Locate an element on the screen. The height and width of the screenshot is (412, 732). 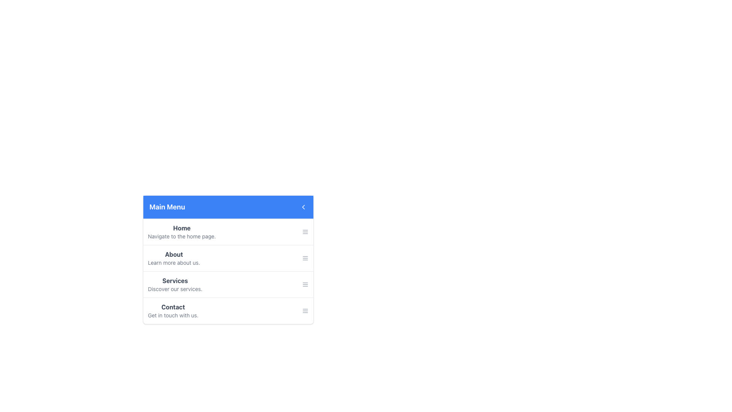
the icon in the top-right corner of the 'About' list item that triggers additional options or details, adjacent to the text 'Learn more about us.' is located at coordinates (305, 258).